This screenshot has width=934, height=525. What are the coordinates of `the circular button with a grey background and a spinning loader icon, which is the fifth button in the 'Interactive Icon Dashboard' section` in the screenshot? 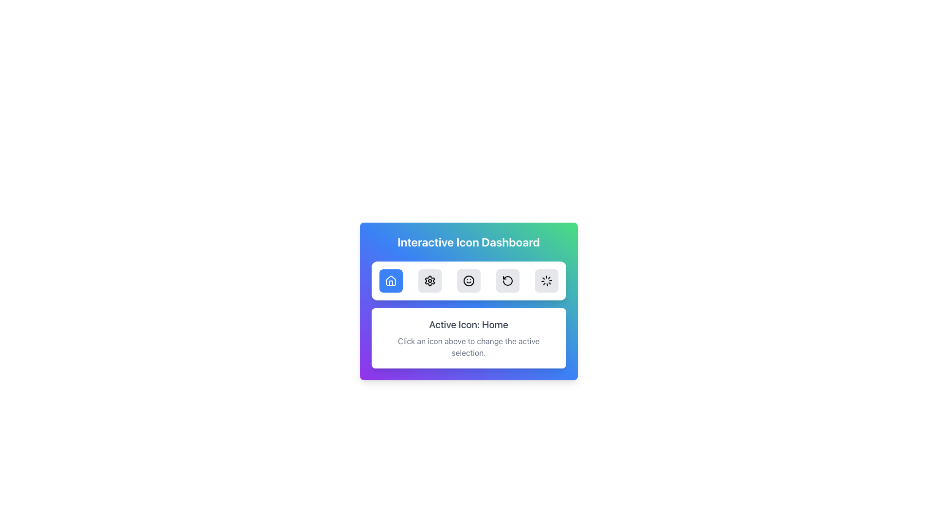 It's located at (546, 281).